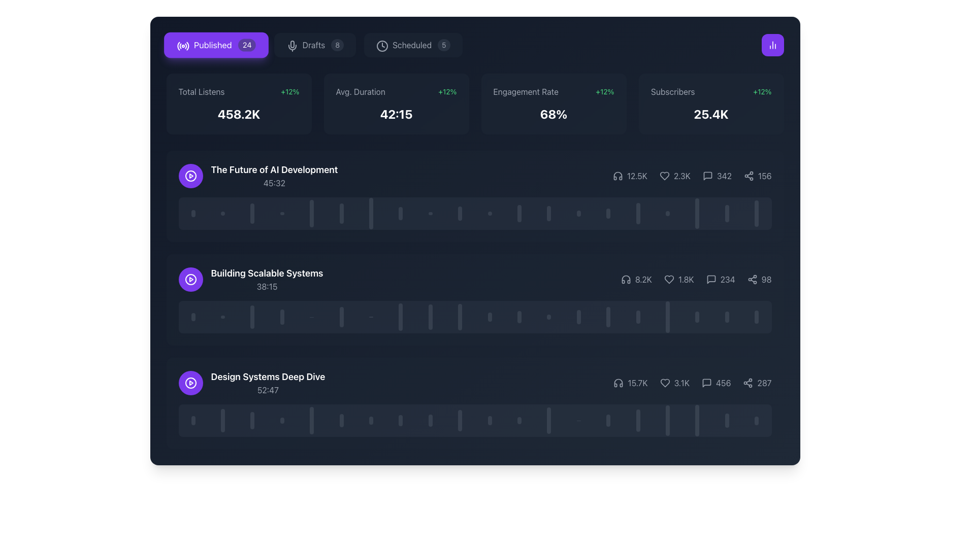 This screenshot has width=975, height=548. Describe the element at coordinates (772, 44) in the screenshot. I see `the column chart icon embedded within the violet rounded rectangular button` at that location.